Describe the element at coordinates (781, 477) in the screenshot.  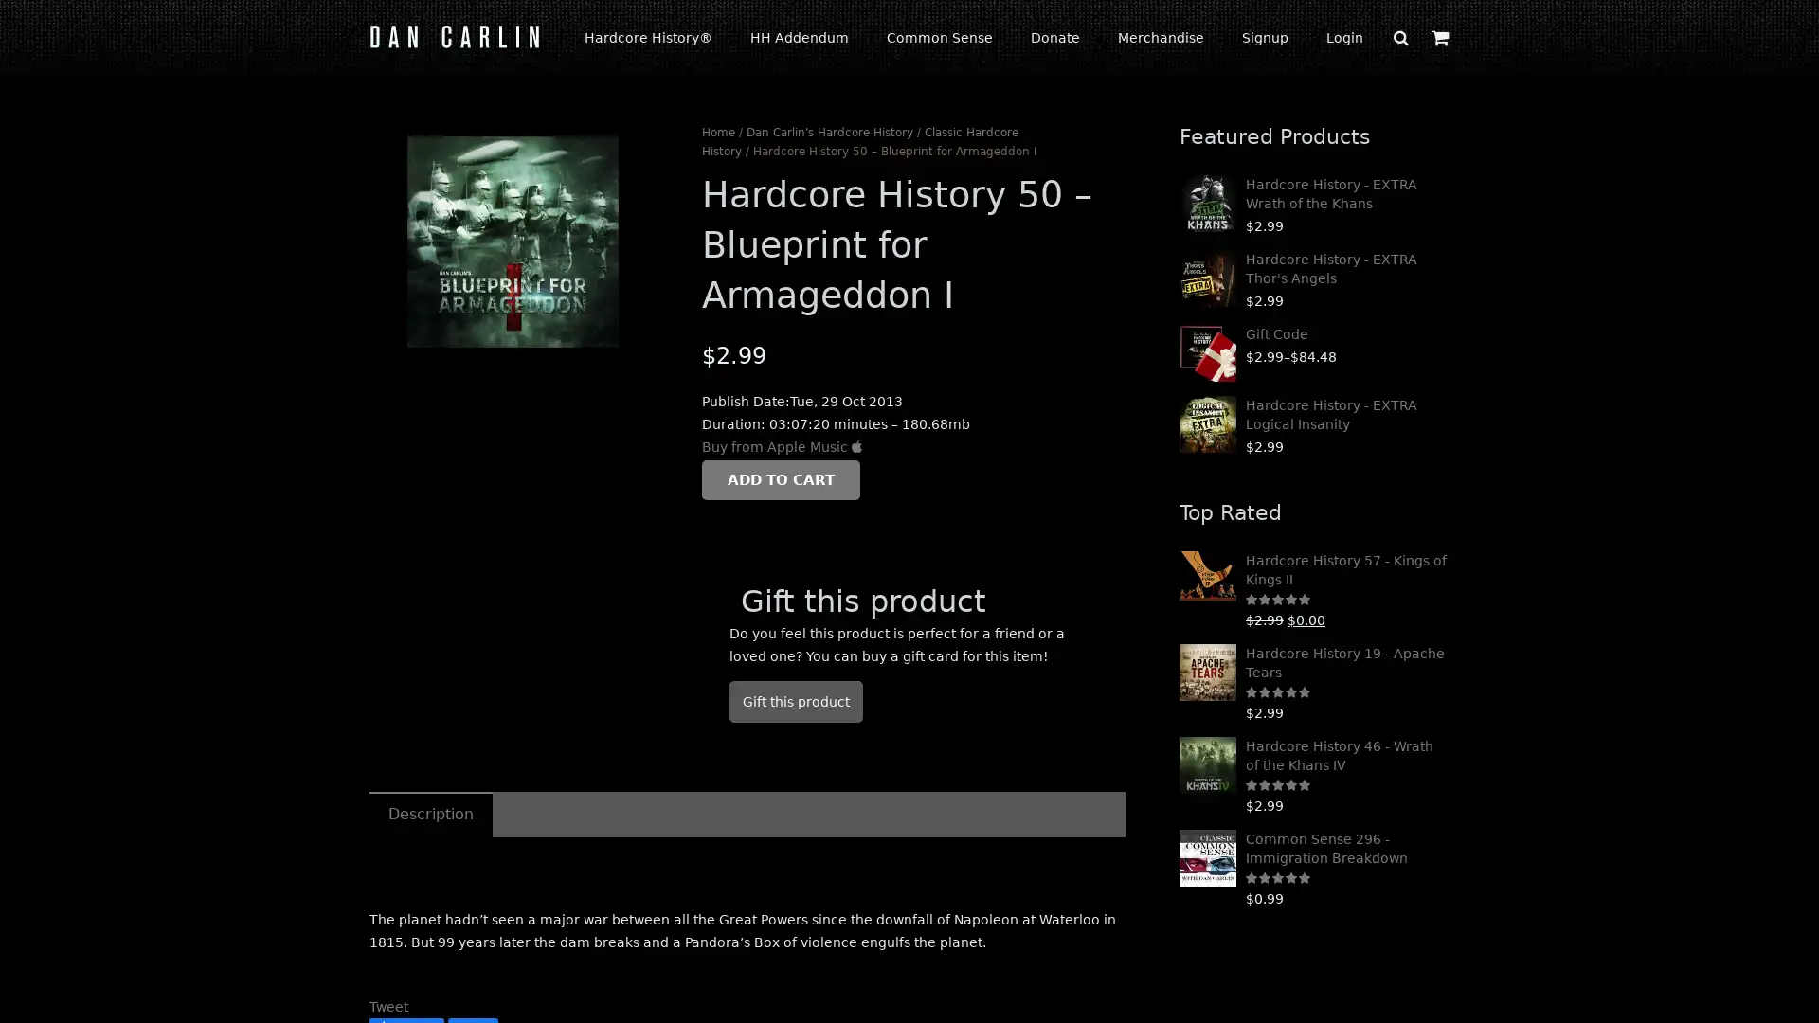
I see `ADD TO CART` at that location.